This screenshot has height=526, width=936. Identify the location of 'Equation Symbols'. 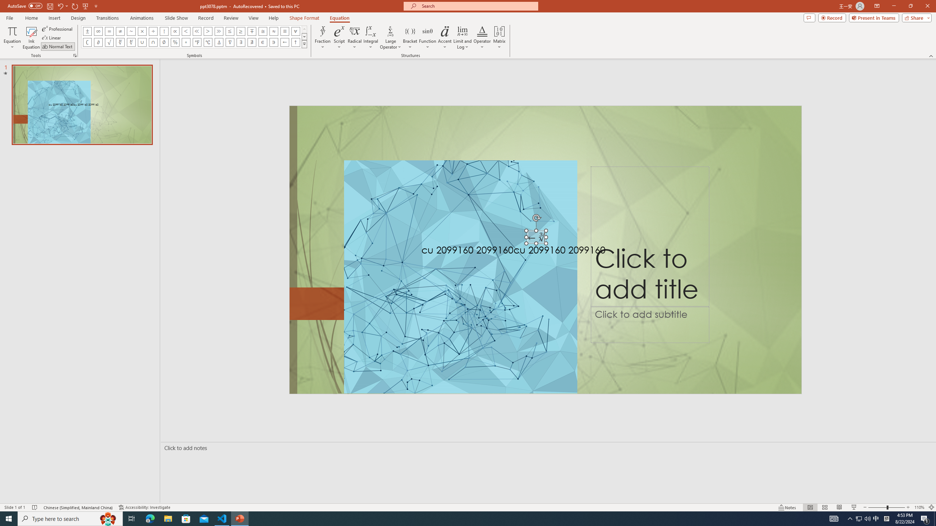
(304, 43).